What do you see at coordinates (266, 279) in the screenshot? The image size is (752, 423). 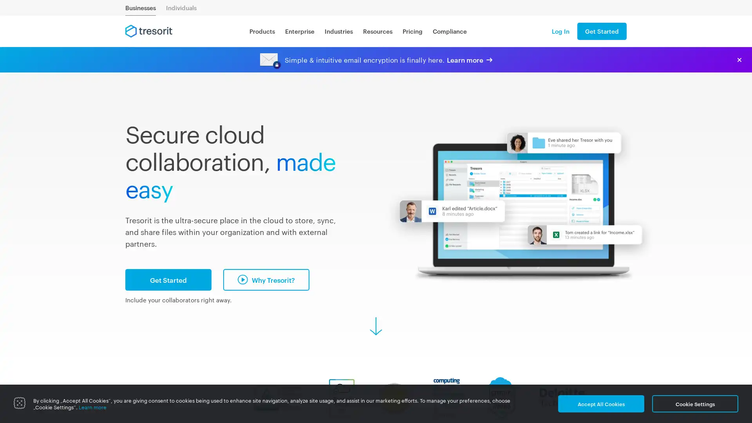 I see `Why Tresorit?` at bounding box center [266, 279].